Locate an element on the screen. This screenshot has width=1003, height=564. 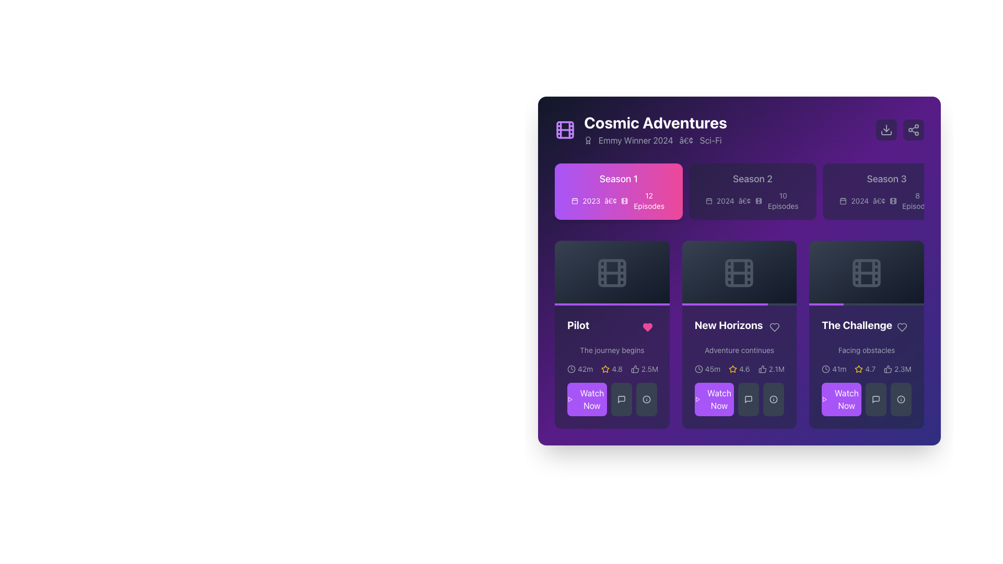
the heart icon (unfilled outline) located in the bottom section of the 'Pilot' card under 'Season 1' is located at coordinates (902, 326).